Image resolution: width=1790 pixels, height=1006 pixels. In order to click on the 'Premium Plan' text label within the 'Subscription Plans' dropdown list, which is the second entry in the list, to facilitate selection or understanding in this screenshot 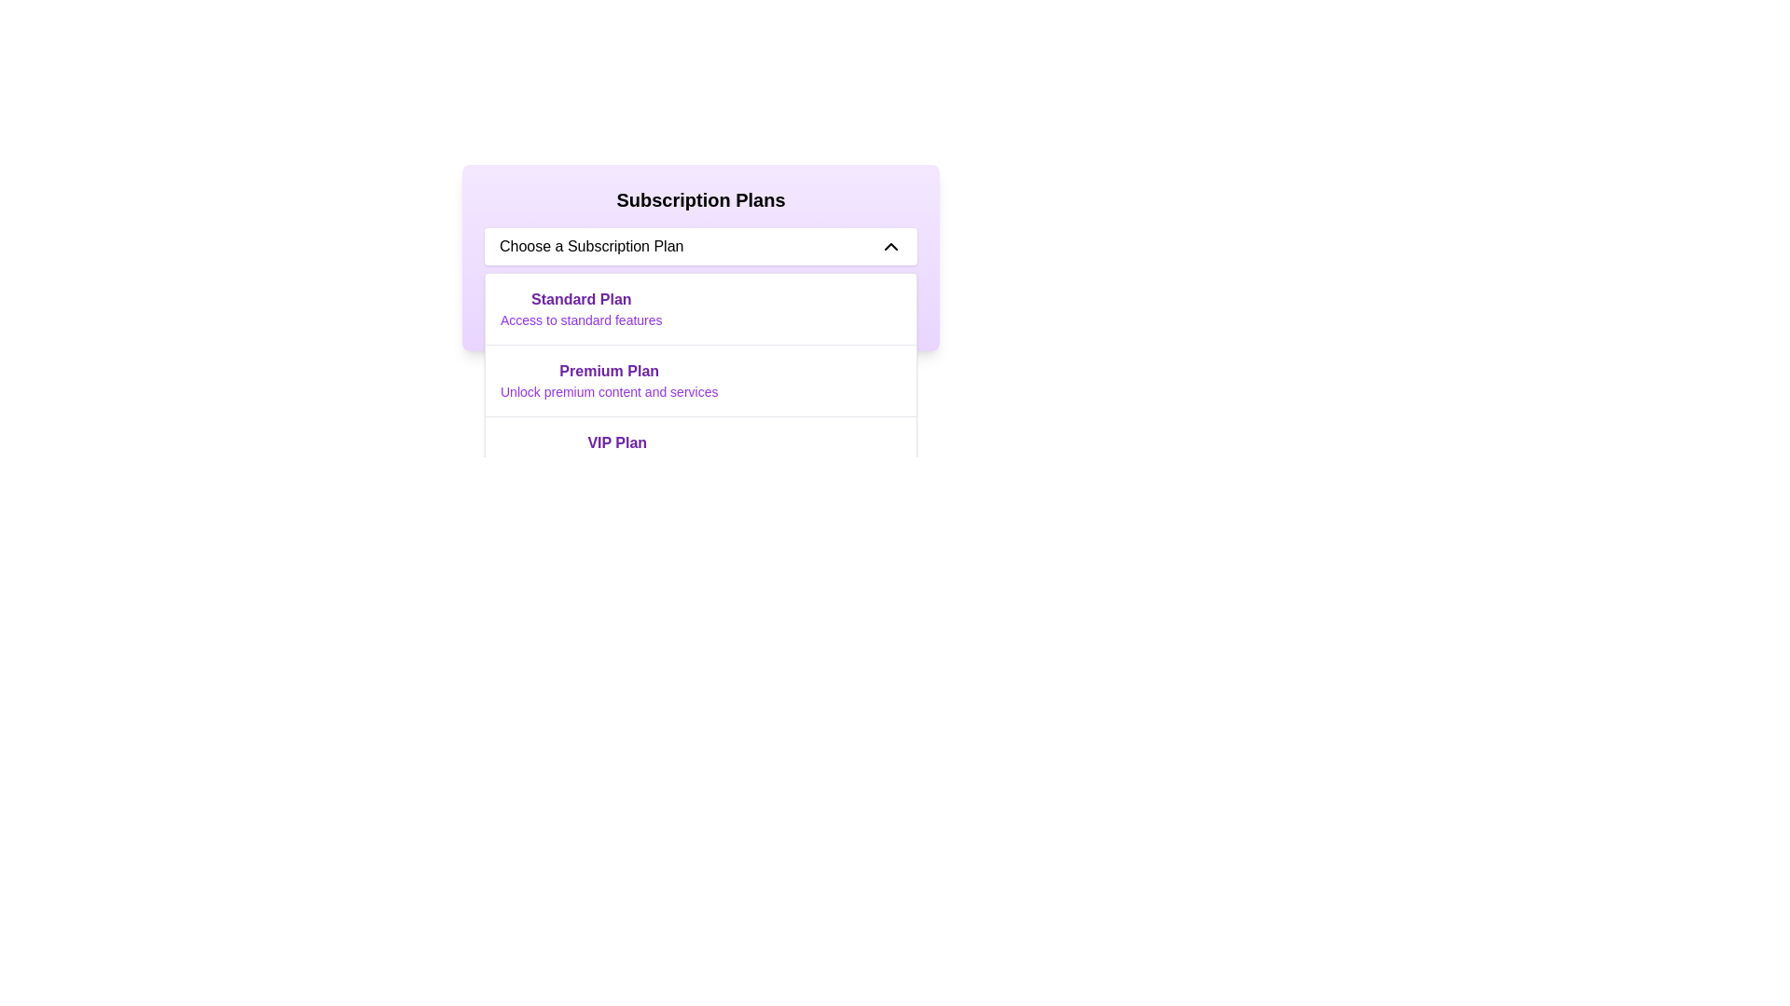, I will do `click(609, 371)`.